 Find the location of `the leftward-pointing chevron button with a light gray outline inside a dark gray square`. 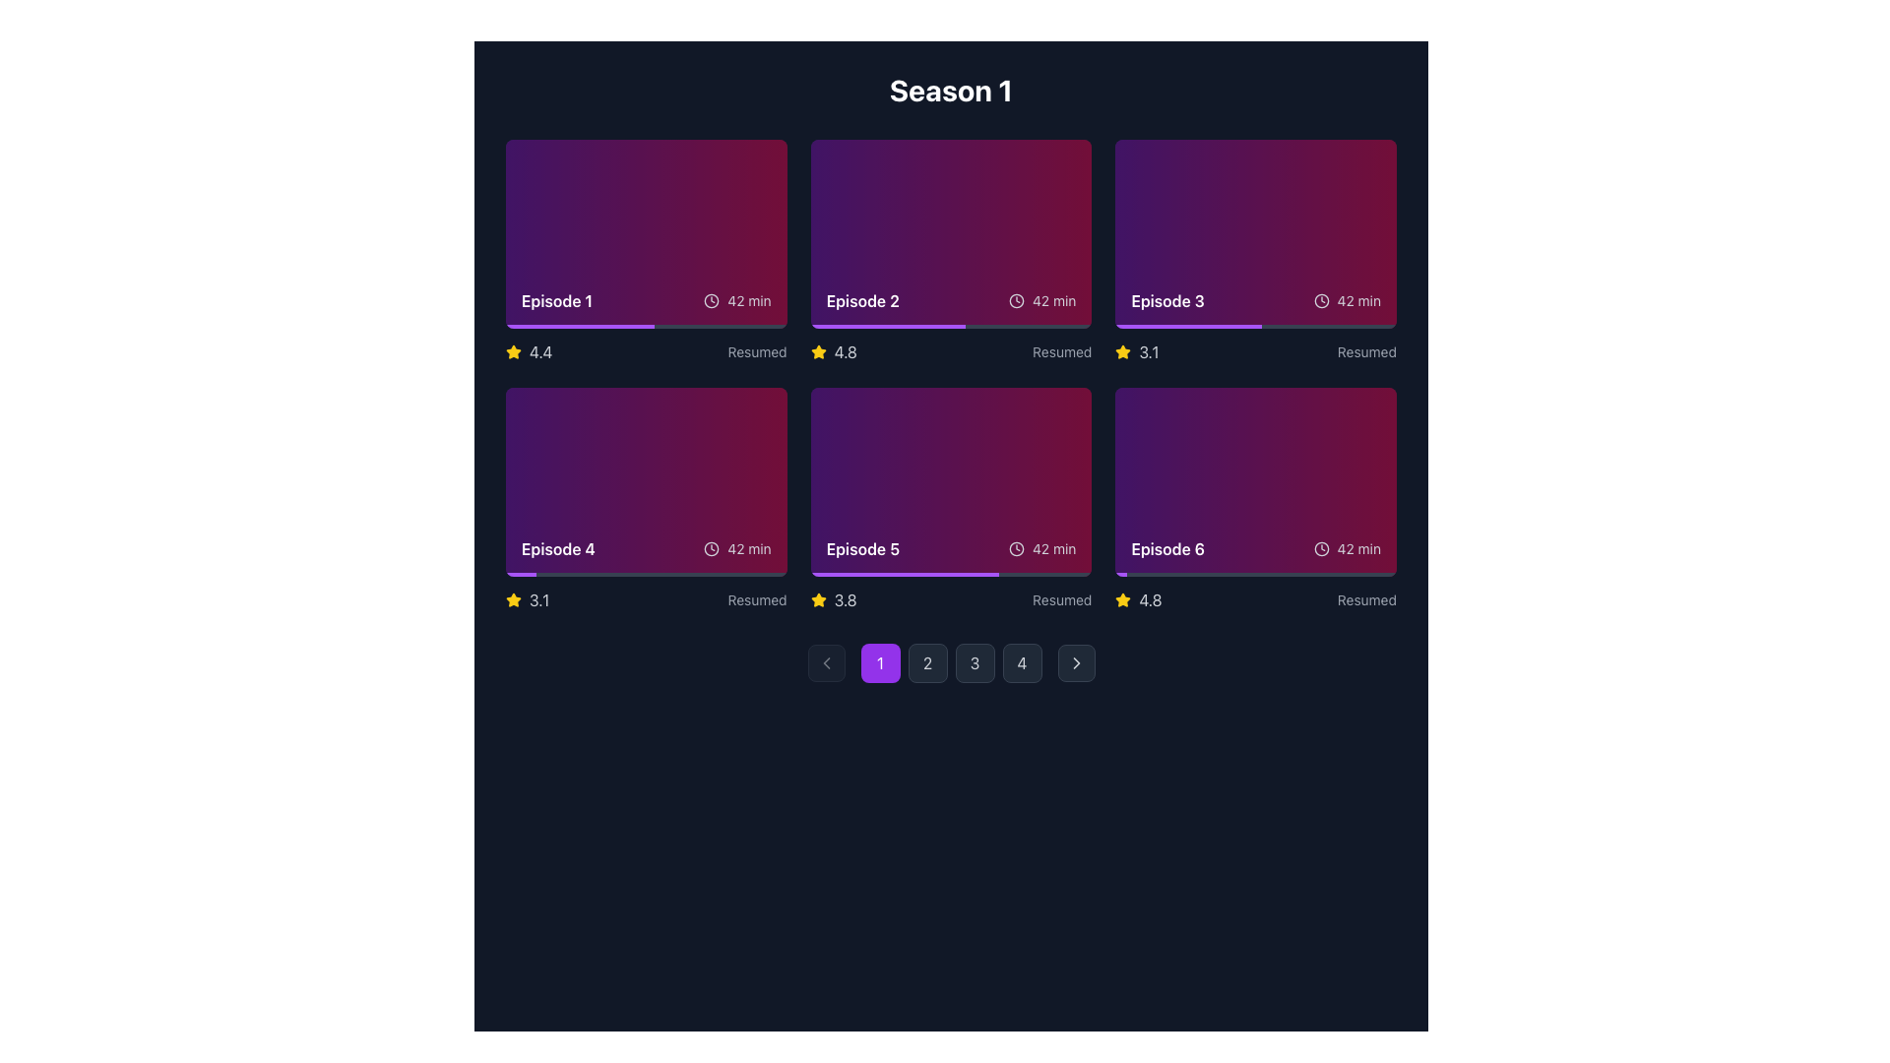

the leftward-pointing chevron button with a light gray outline inside a dark gray square is located at coordinates (826, 663).